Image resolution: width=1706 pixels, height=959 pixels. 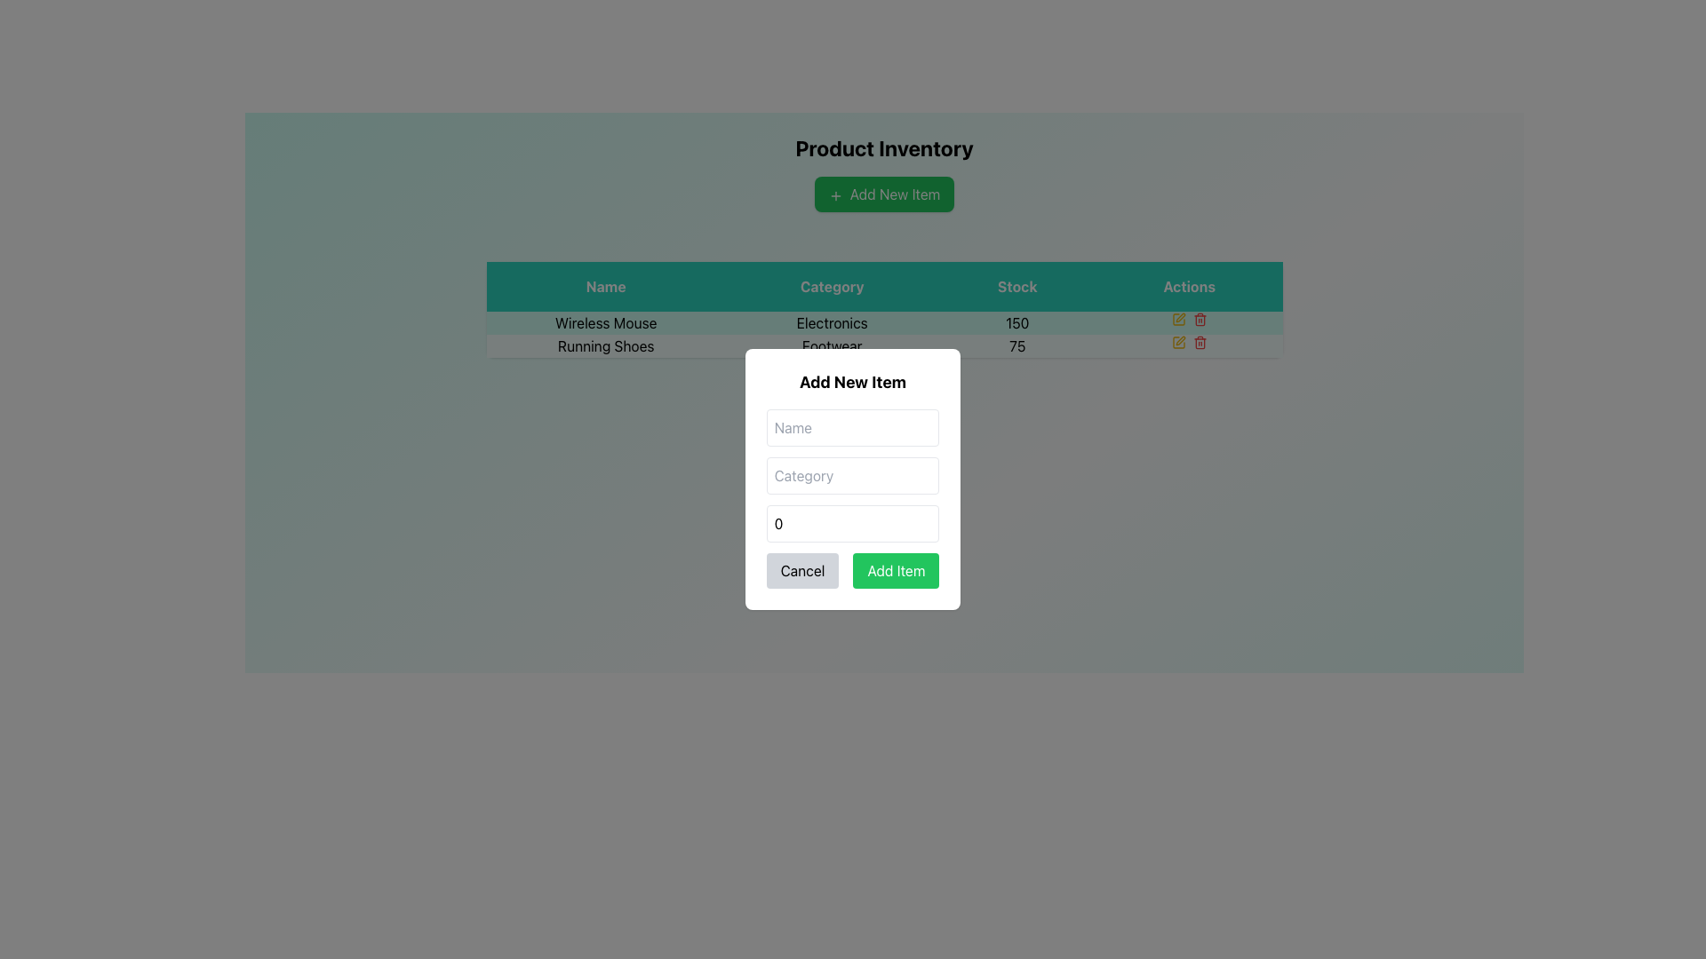 I want to click on the 'Footwear' text label located in the second row of the table under the 'Category' column, which is associated with the 'Running Shoes' entry, so click(x=831, y=345).